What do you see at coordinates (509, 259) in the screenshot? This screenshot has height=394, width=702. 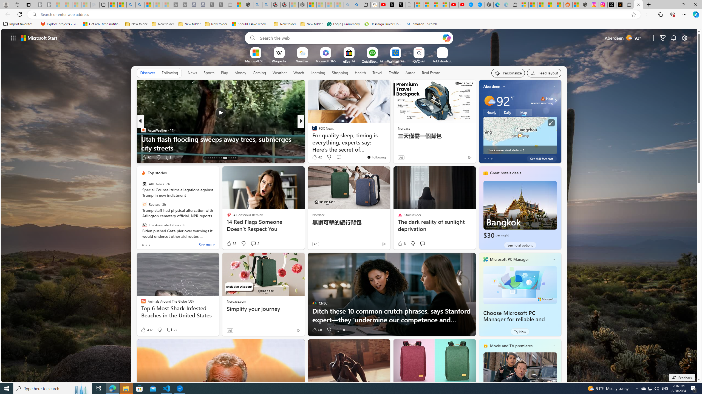 I see `'Microsoft PC Manager'` at bounding box center [509, 259].